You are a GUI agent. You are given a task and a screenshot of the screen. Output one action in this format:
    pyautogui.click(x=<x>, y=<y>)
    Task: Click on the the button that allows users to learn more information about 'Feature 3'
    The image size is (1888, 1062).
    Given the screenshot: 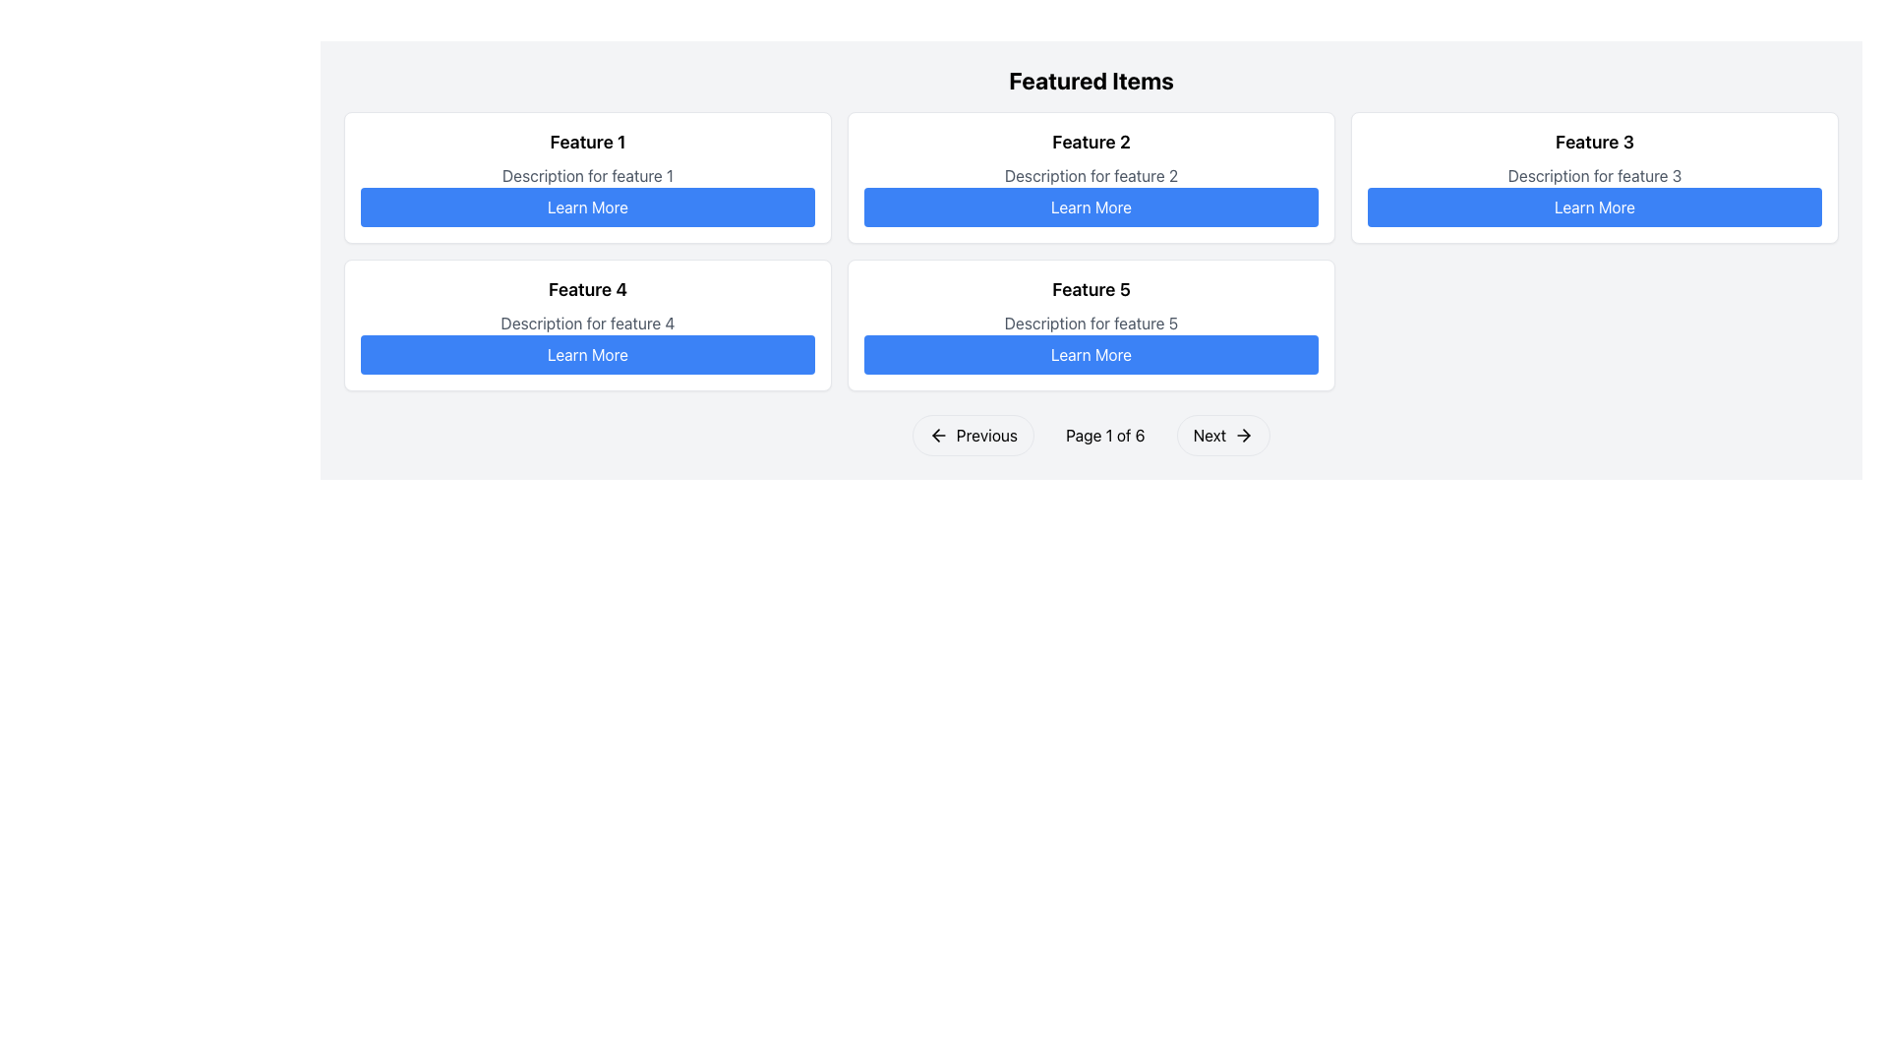 What is the action you would take?
    pyautogui.click(x=1595, y=207)
    